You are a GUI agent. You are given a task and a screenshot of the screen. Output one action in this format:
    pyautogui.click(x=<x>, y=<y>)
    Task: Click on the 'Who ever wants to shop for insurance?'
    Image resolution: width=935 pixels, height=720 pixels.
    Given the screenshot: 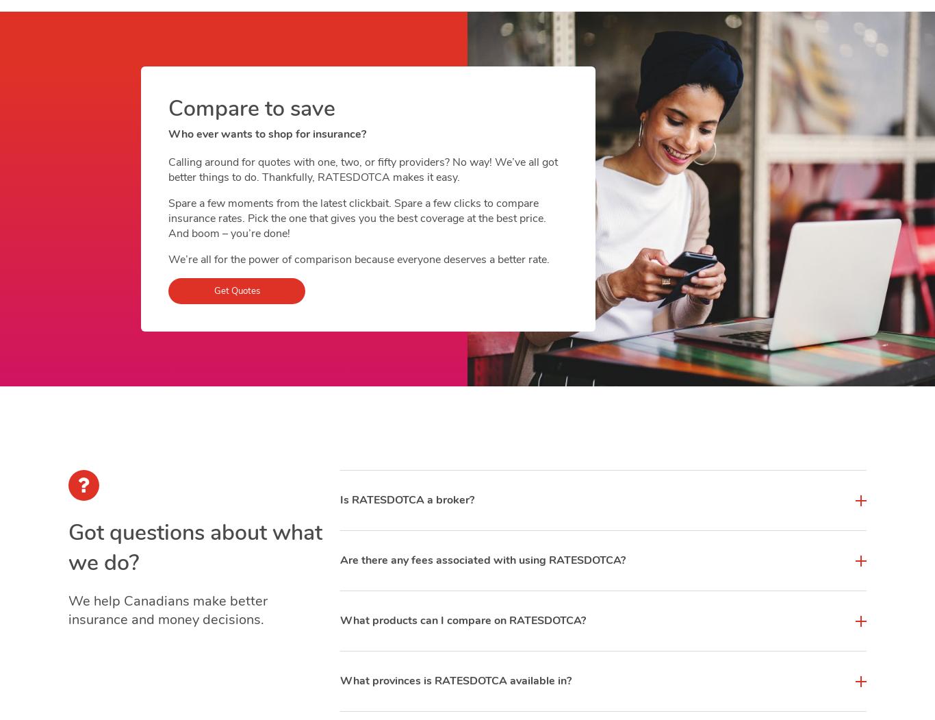 What is the action you would take?
    pyautogui.click(x=266, y=134)
    